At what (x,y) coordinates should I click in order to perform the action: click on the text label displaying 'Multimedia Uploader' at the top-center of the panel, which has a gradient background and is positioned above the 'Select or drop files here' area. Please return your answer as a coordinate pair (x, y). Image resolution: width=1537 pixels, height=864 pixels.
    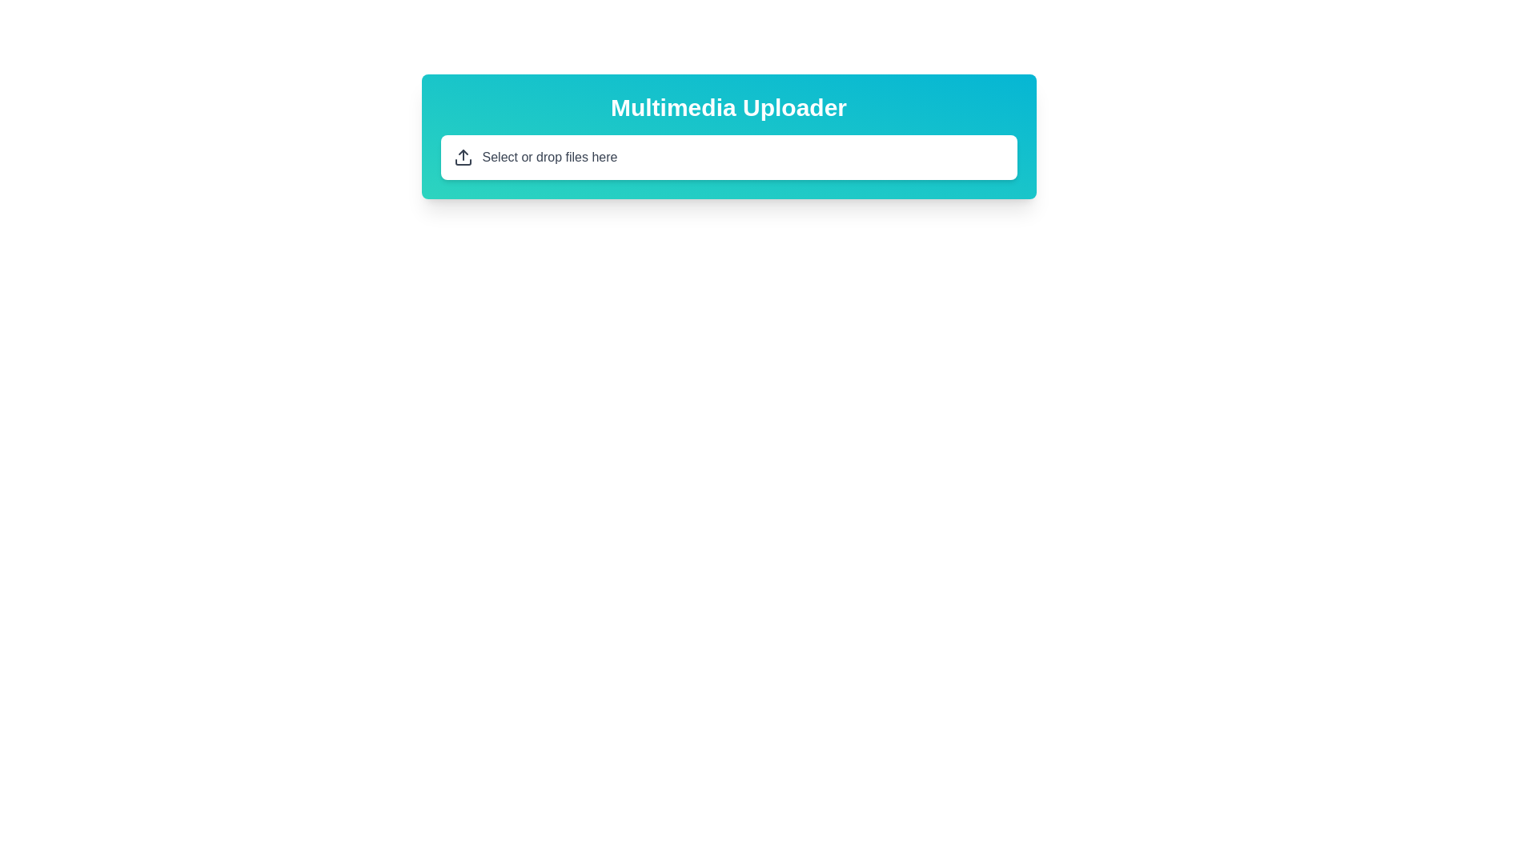
    Looking at the image, I should click on (728, 108).